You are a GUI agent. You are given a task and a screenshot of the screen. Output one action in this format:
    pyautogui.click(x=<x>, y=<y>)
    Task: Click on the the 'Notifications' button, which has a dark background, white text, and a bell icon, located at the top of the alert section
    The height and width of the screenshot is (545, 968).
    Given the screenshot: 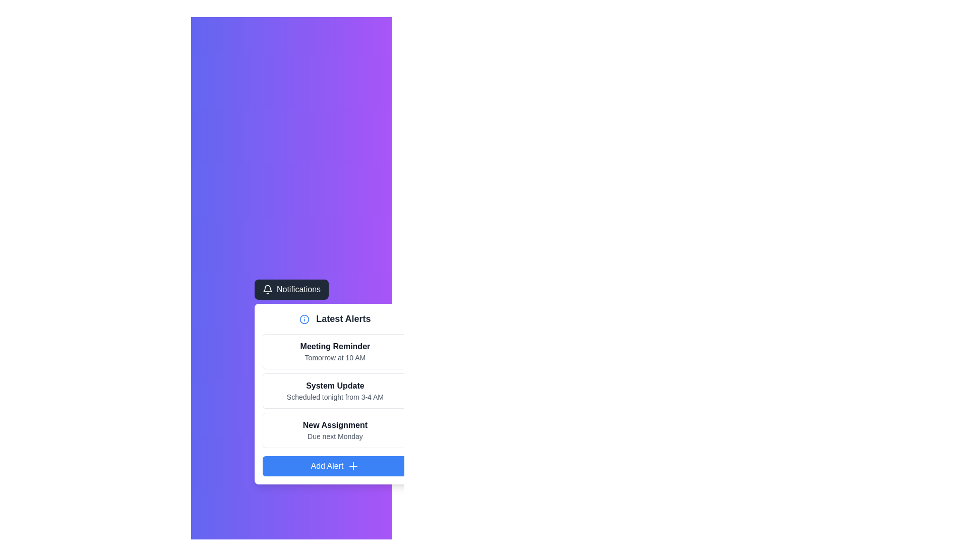 What is the action you would take?
    pyautogui.click(x=291, y=290)
    